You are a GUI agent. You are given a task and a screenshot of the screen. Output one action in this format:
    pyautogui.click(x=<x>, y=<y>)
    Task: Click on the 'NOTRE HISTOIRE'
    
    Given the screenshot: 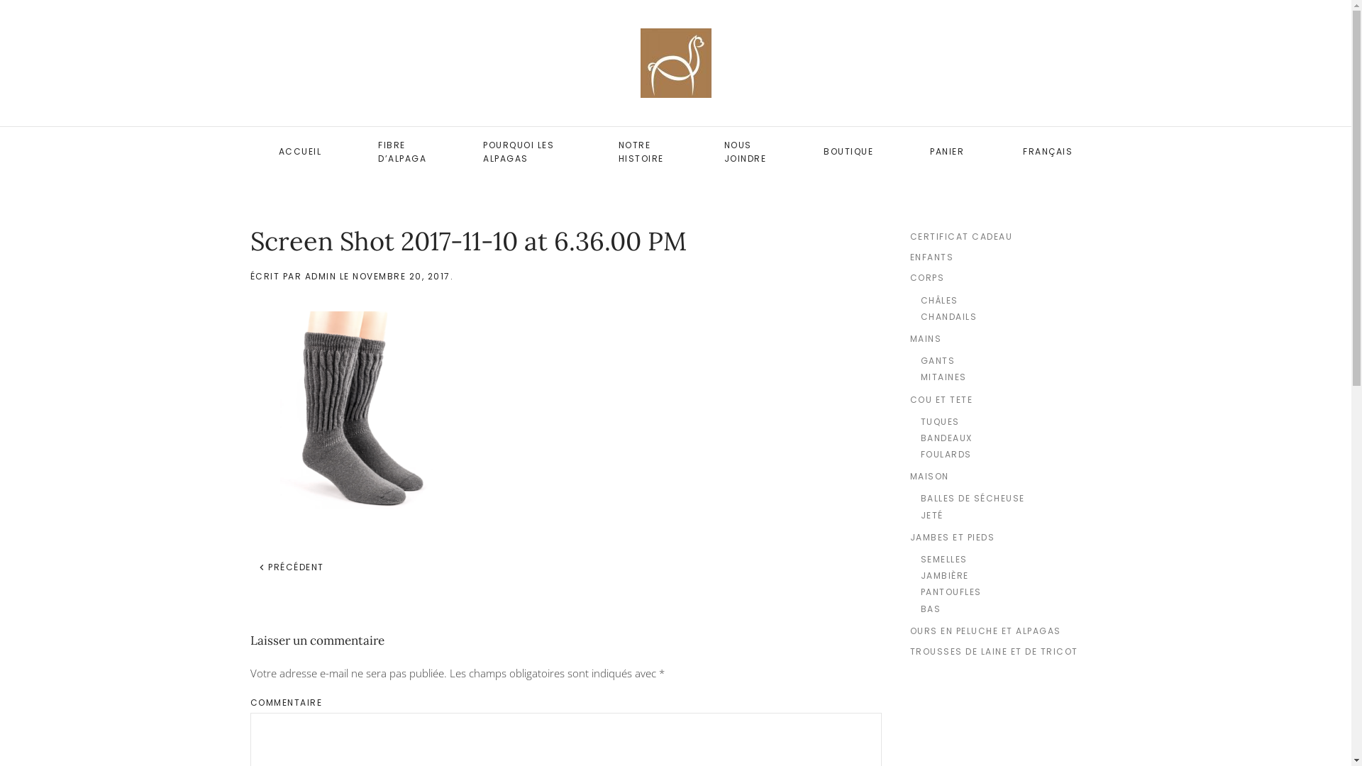 What is the action you would take?
    pyautogui.click(x=642, y=151)
    